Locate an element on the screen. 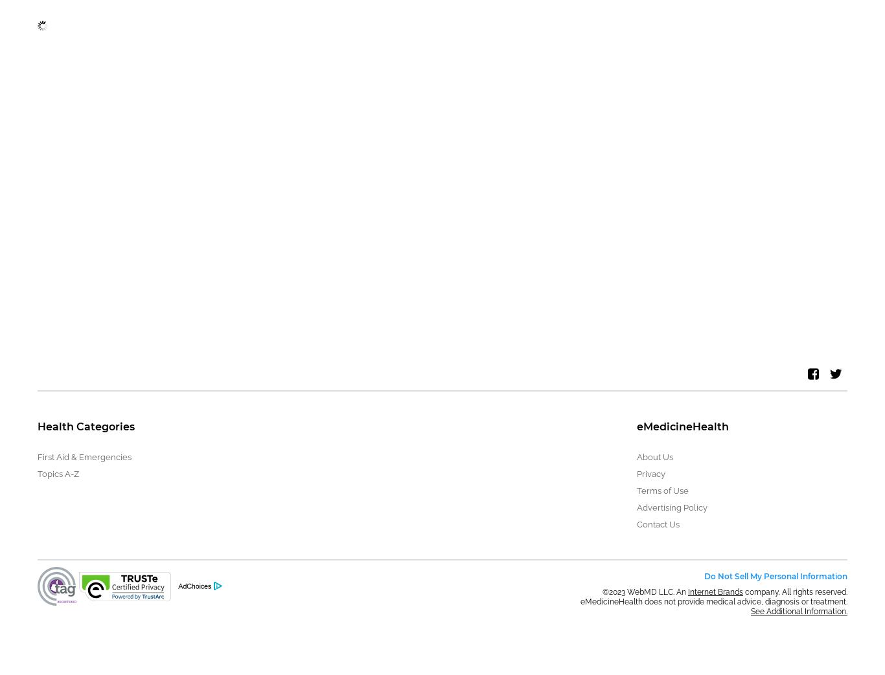 The width and height of the screenshot is (885, 675). '©2023 WebMD LLC. An' is located at coordinates (645, 592).